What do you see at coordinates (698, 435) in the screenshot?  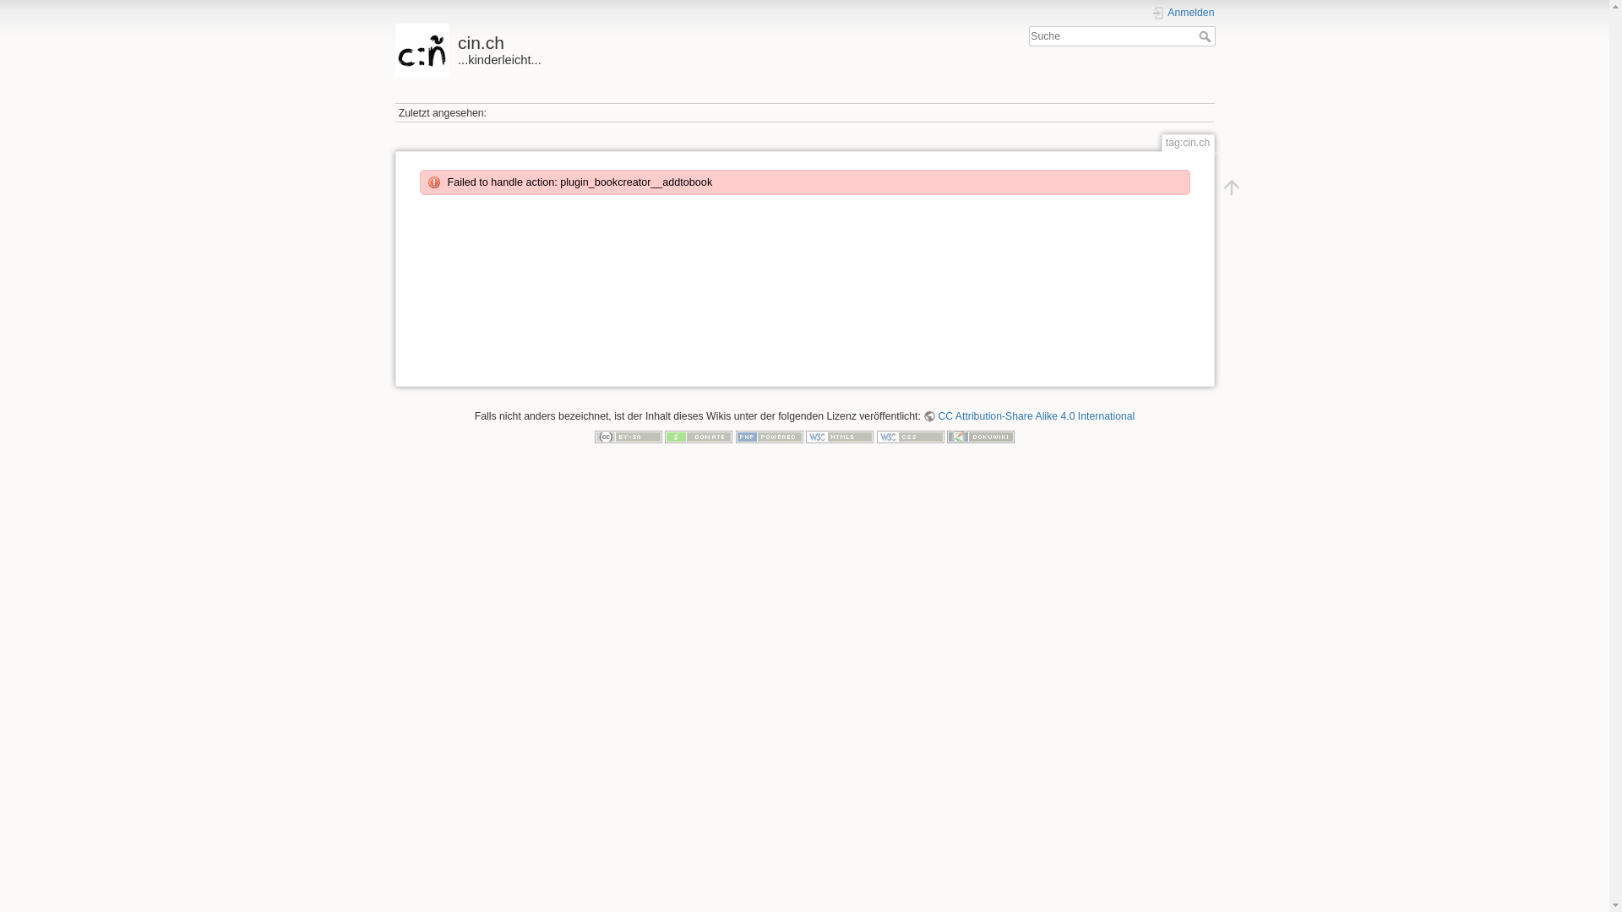 I see `'Donate'` at bounding box center [698, 435].